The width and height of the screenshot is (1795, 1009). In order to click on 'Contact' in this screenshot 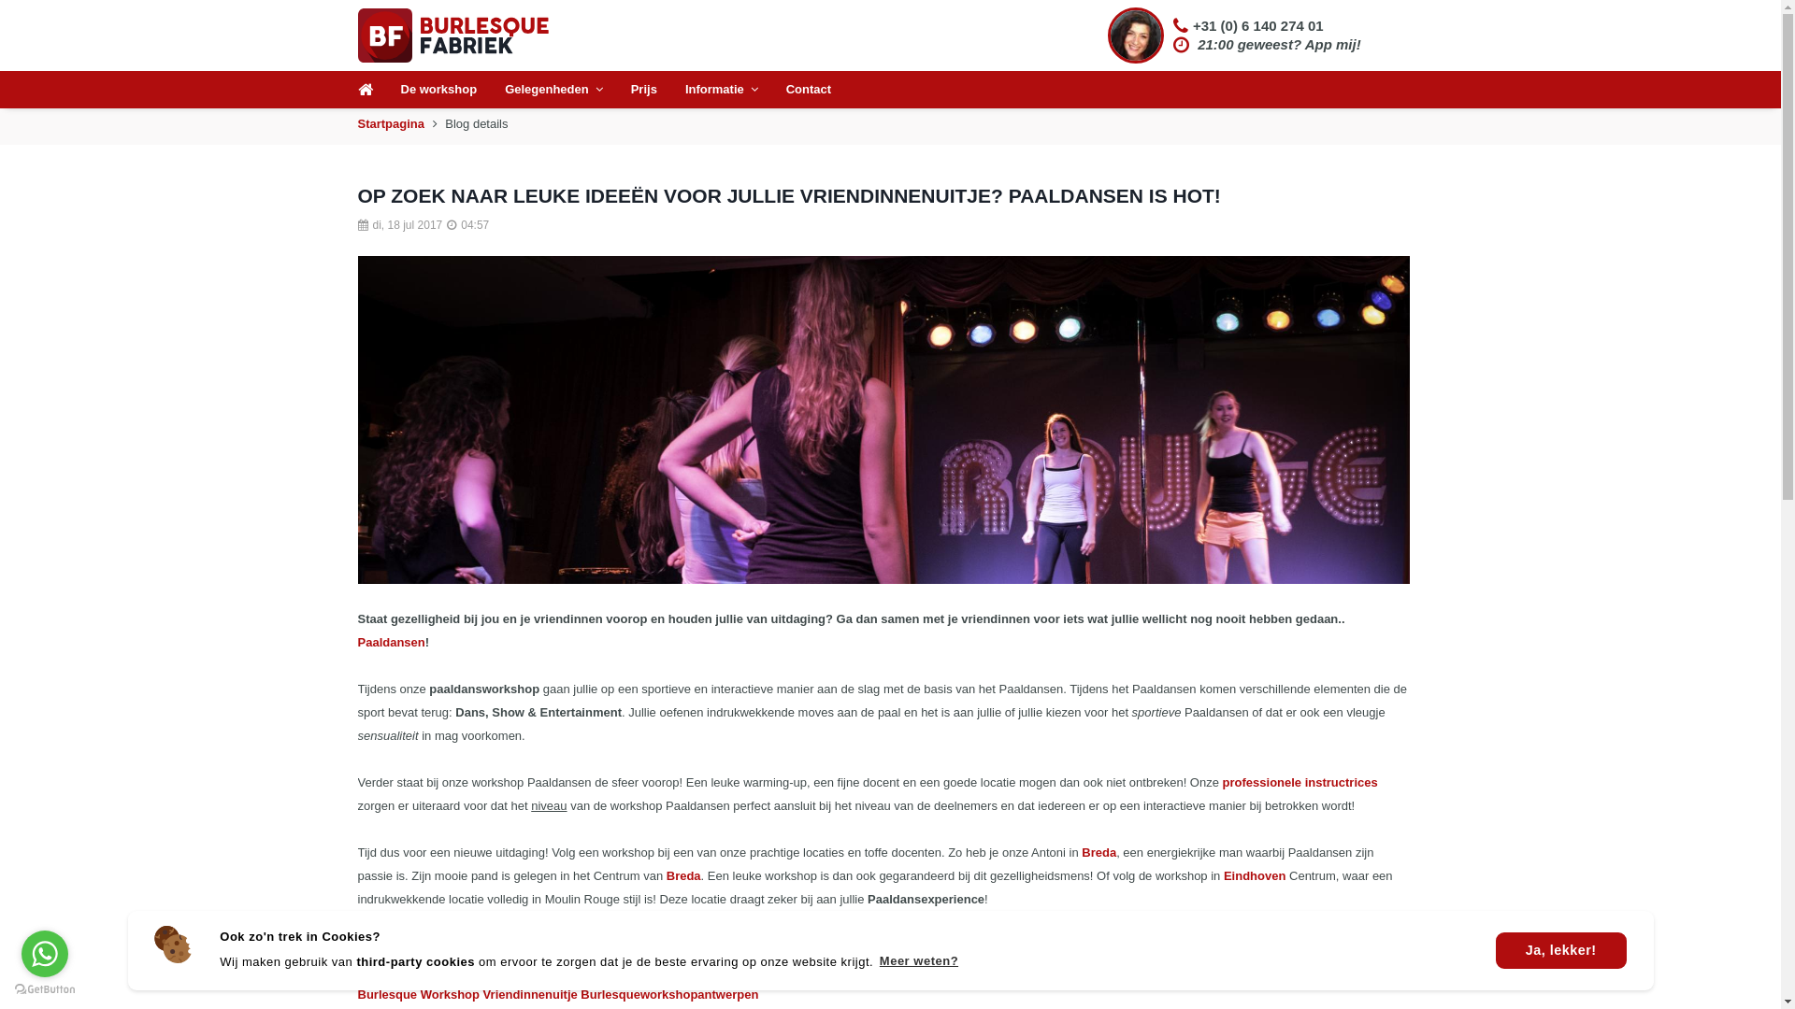, I will do `click(808, 90)`.